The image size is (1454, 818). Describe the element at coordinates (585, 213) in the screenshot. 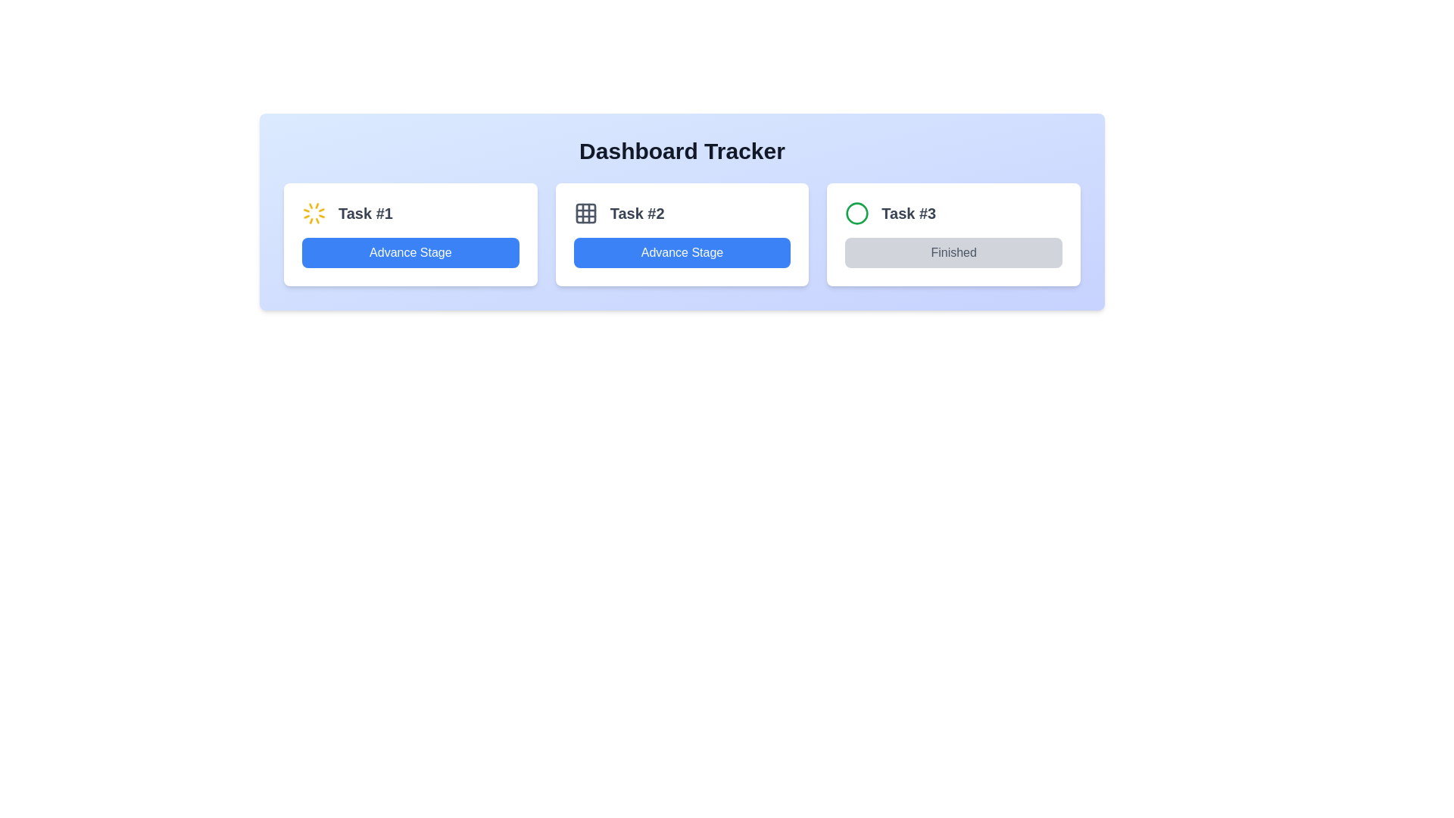

I see `the square grid icon with a dark gray outline and transparent fill located at the top-left corner of the task card labeled 'Task #2'` at that location.